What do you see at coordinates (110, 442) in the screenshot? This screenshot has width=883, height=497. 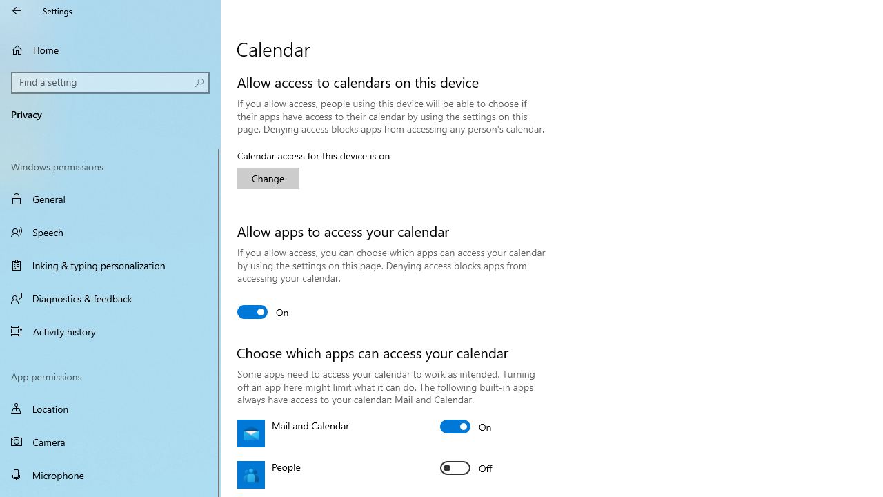 I see `'Camera'` at bounding box center [110, 442].